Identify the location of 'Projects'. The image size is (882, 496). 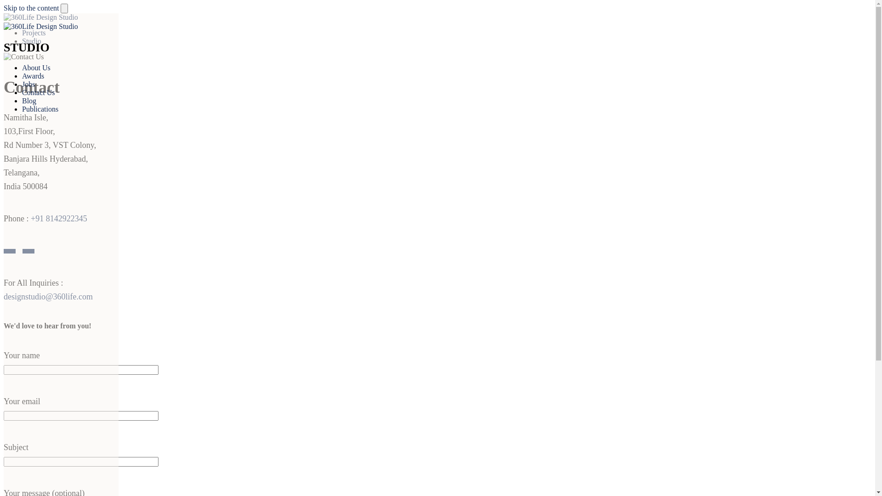
(22, 32).